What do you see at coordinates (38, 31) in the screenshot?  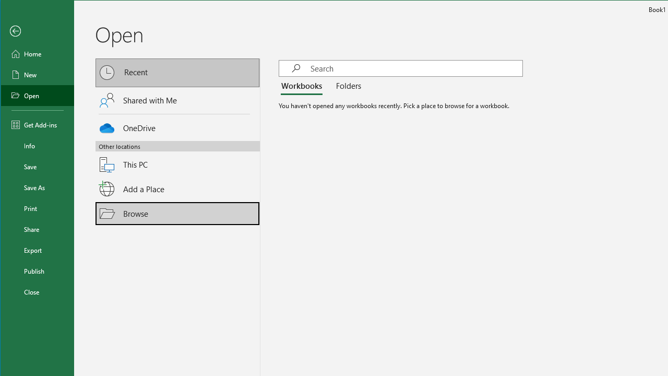 I see `'Back'` at bounding box center [38, 31].